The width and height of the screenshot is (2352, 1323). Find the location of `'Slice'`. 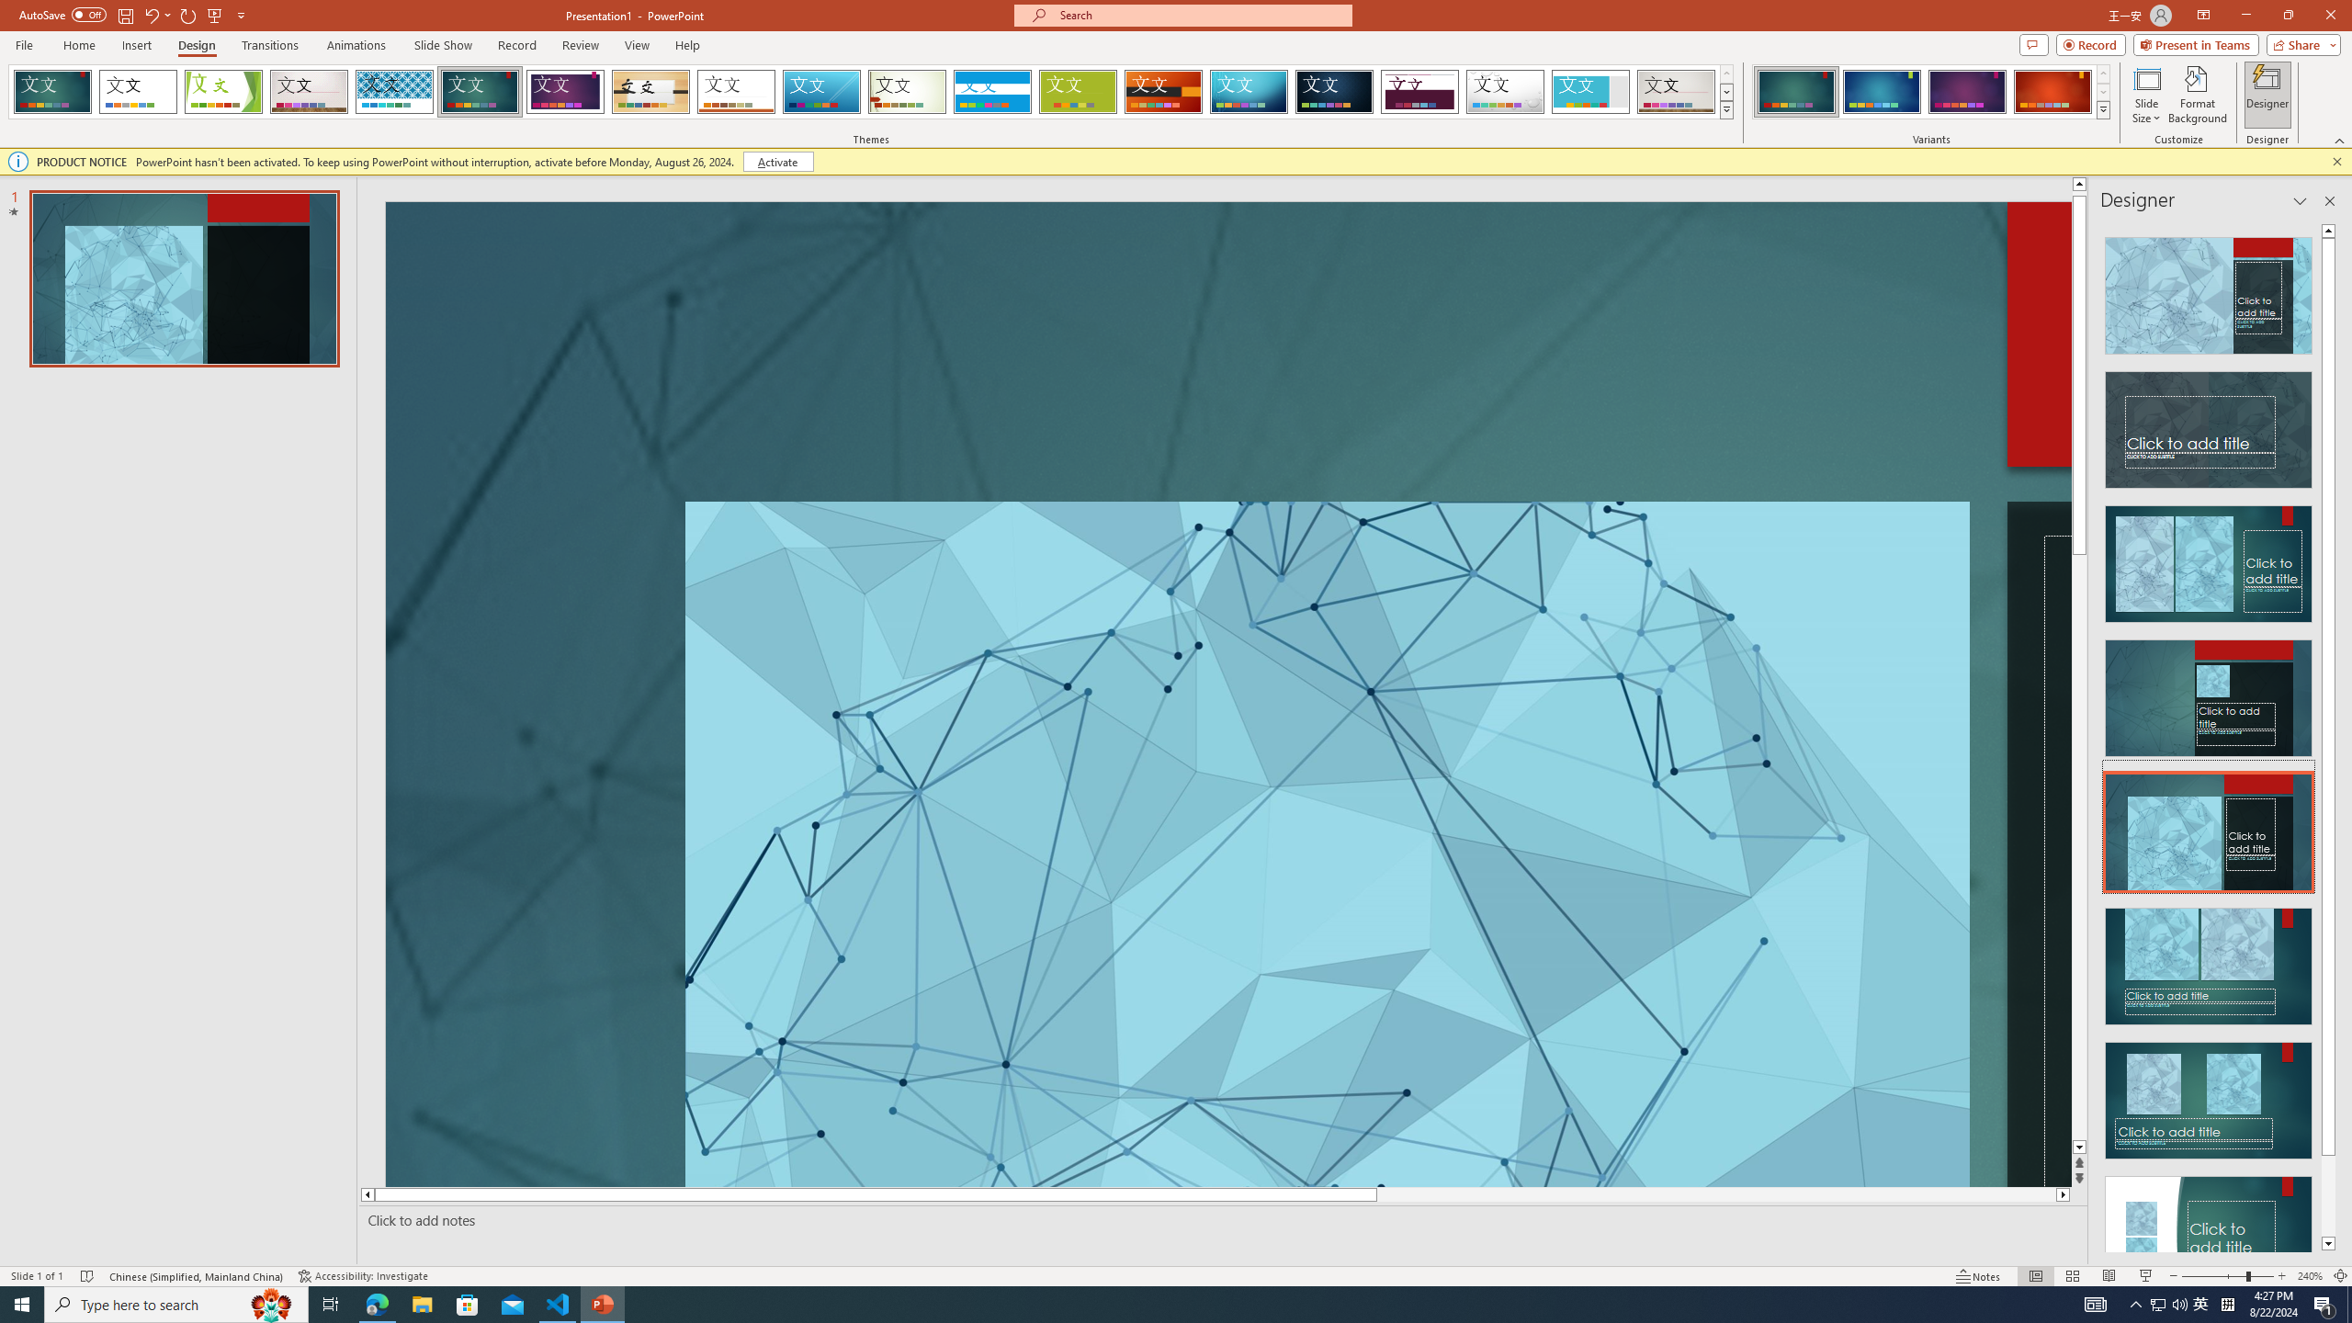

'Slice' is located at coordinates (820, 91).